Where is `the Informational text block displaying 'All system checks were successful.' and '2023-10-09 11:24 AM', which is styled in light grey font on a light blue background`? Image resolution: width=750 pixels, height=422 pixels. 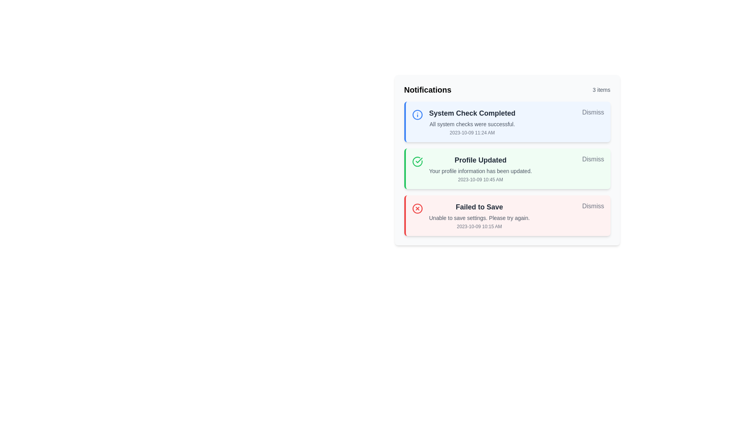 the Informational text block displaying 'All system checks were successful.' and '2023-10-09 11:24 AM', which is styled in light grey font on a light blue background is located at coordinates (472, 127).